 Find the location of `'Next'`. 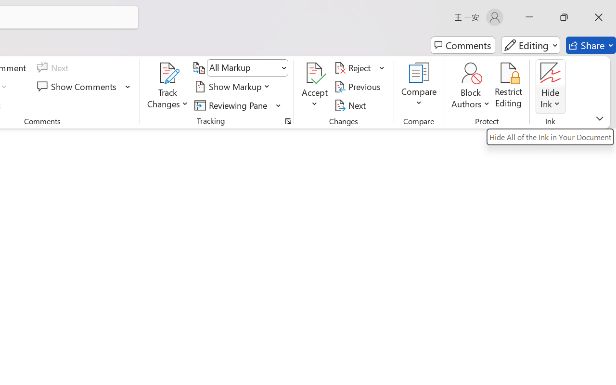

'Next' is located at coordinates (351, 105).